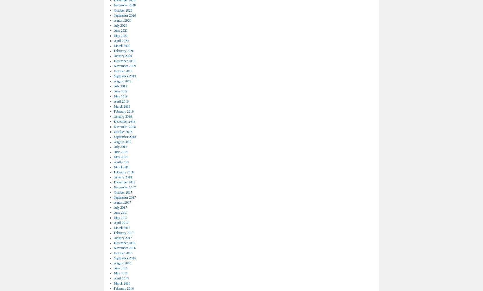 Image resolution: width=483 pixels, height=291 pixels. What do you see at coordinates (114, 25) in the screenshot?
I see `'July 2020'` at bounding box center [114, 25].